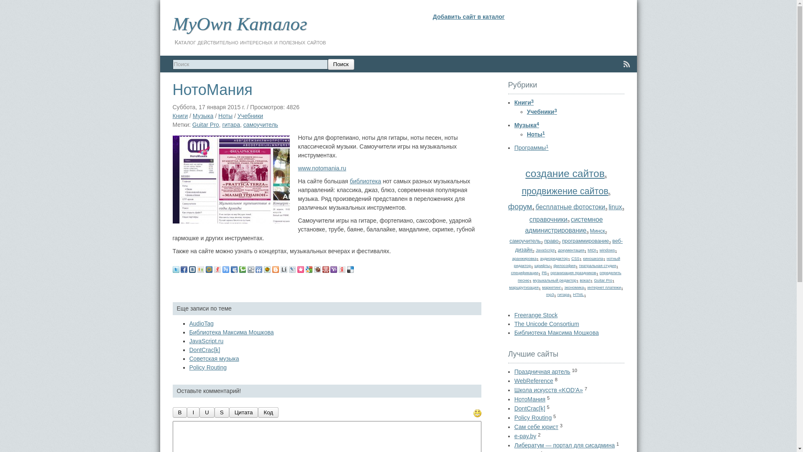 The height and width of the screenshot is (452, 803). What do you see at coordinates (207, 412) in the screenshot?
I see `'U'` at bounding box center [207, 412].